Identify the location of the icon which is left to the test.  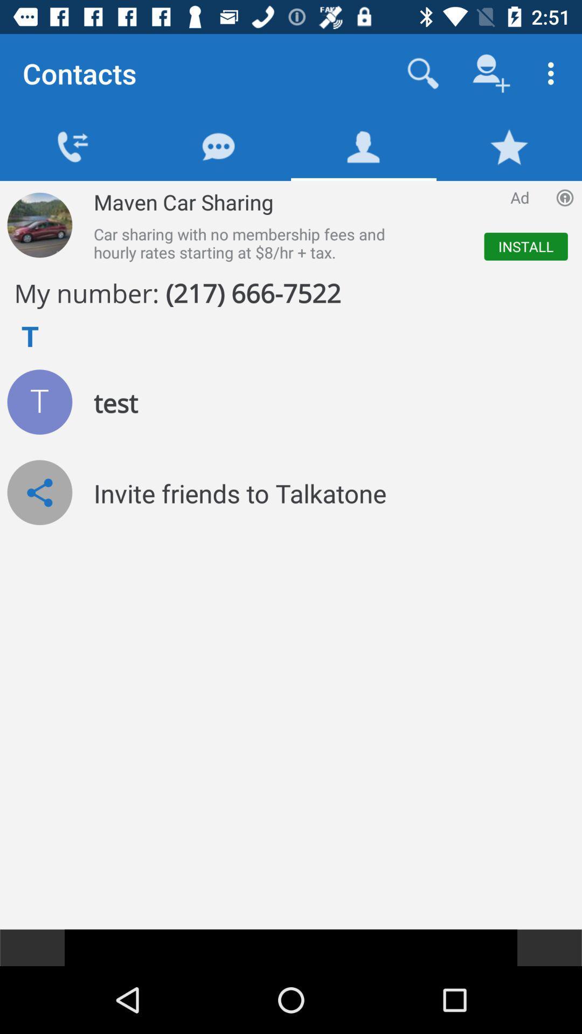
(39, 401).